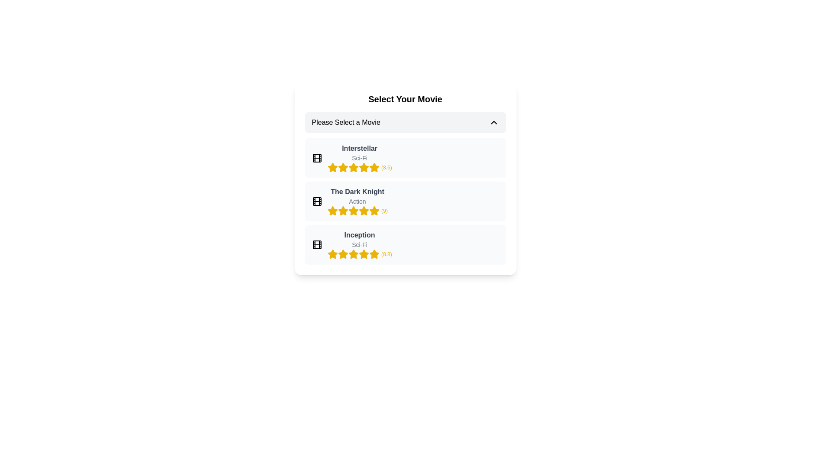 This screenshot has height=468, width=832. What do you see at coordinates (342, 211) in the screenshot?
I see `the third star icon in the rating row of the movie 'The Dark Knight' to indicate a partial or full rating increment` at bounding box center [342, 211].